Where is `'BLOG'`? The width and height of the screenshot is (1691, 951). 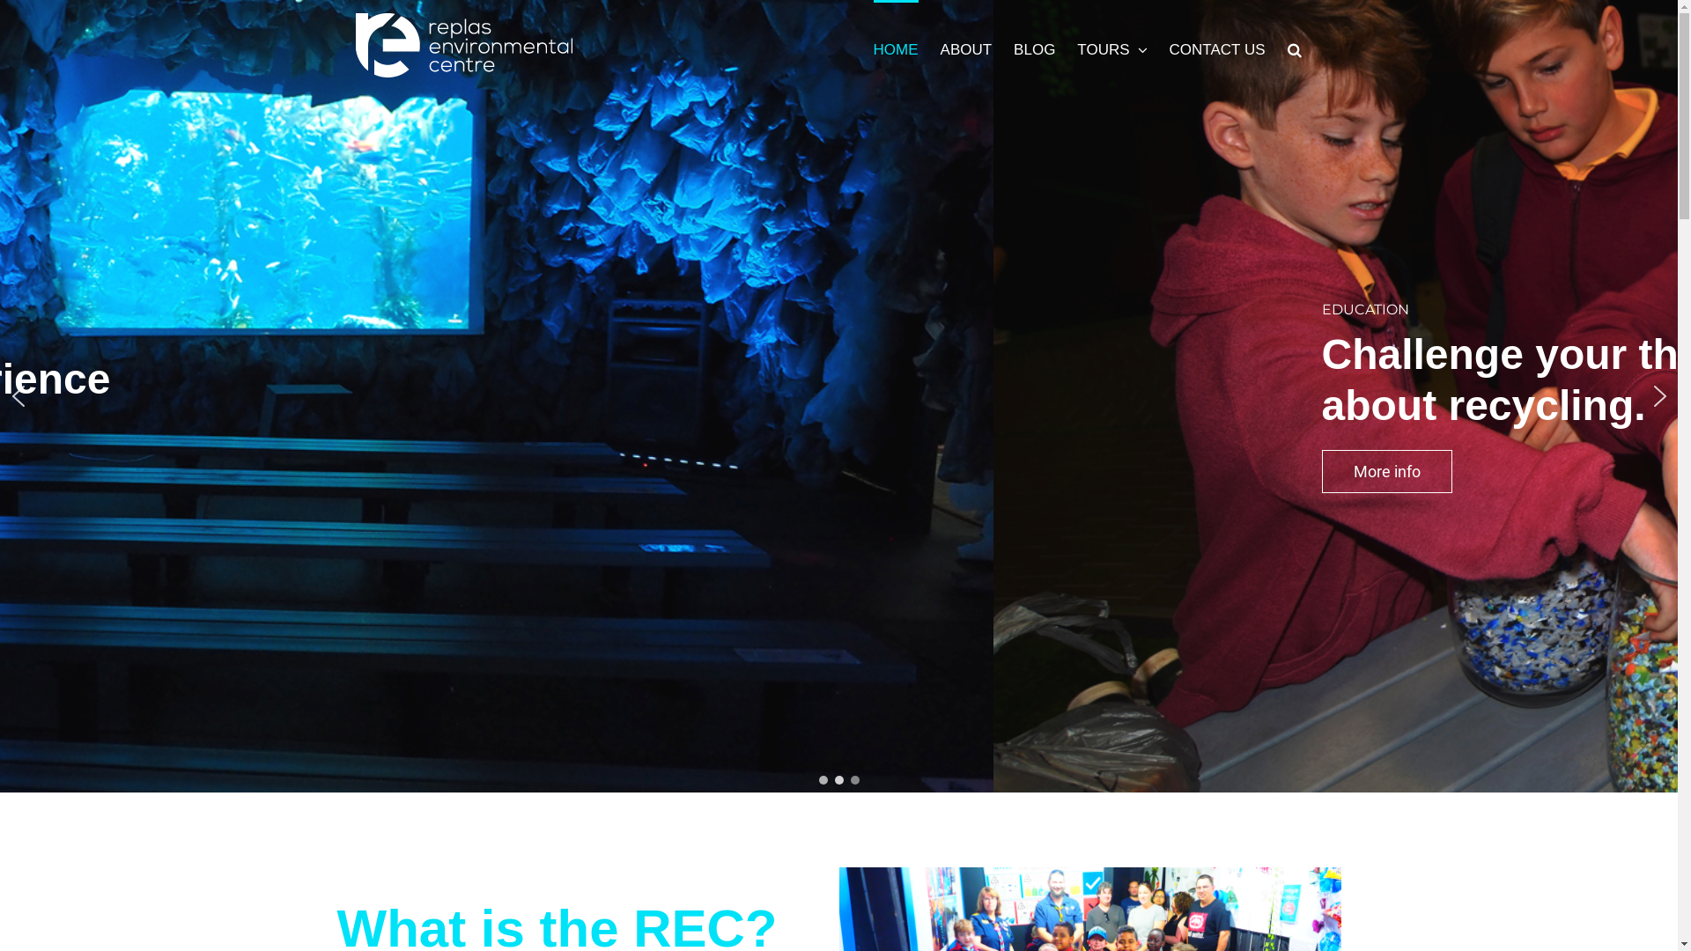 'BLOG' is located at coordinates (1034, 47).